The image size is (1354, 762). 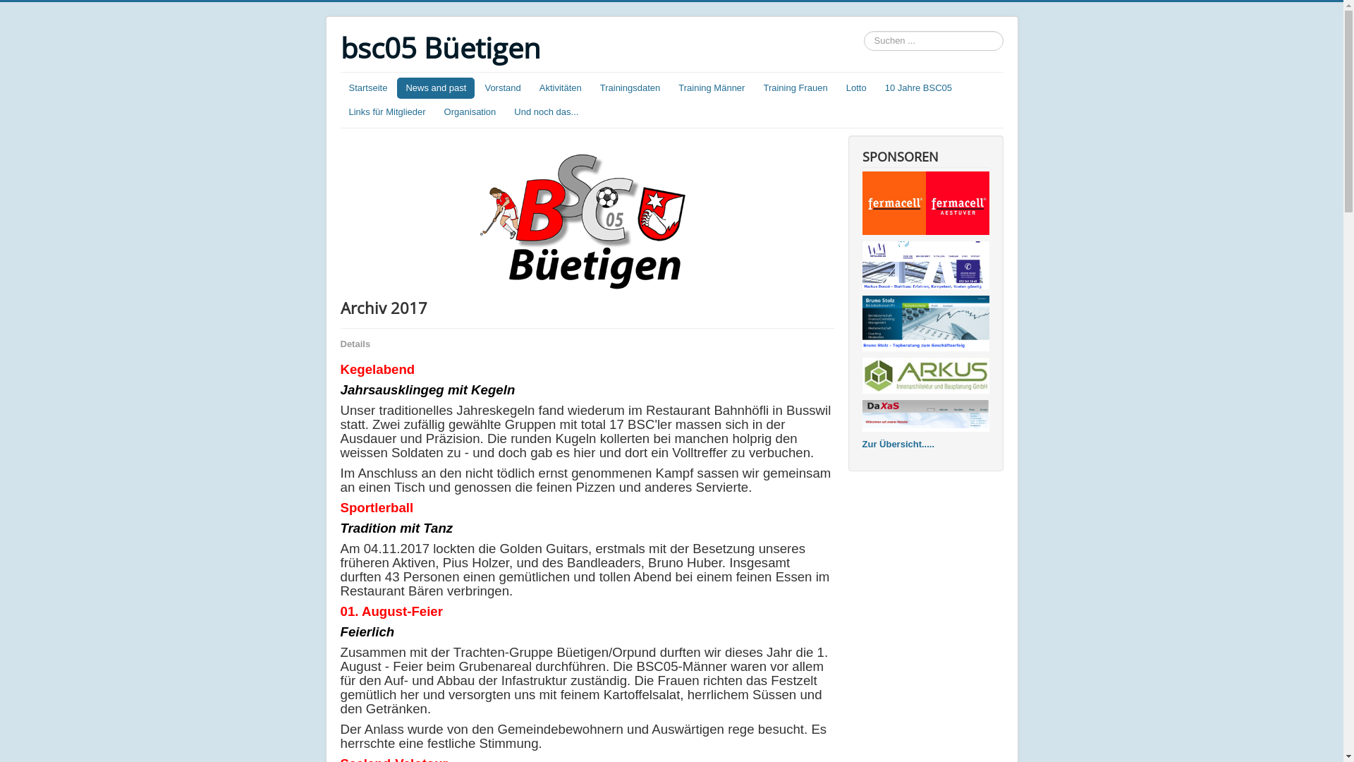 I want to click on 'Lotto', so click(x=855, y=87).